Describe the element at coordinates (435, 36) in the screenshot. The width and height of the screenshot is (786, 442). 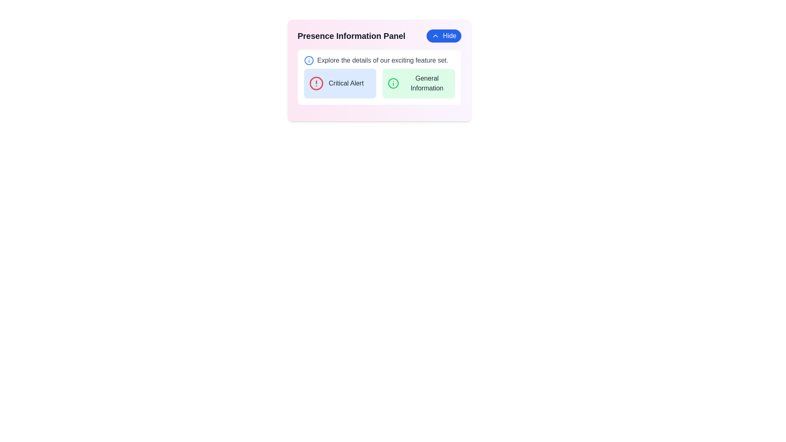
I see `the chevron icon located in the top-right corner of the 'Presence Information Panel'` at that location.